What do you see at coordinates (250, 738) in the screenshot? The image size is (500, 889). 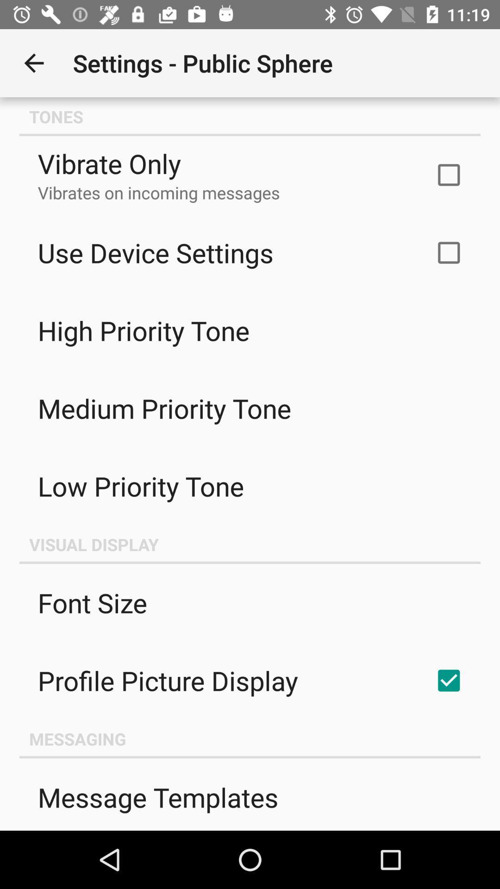 I see `icon above the message templates` at bounding box center [250, 738].